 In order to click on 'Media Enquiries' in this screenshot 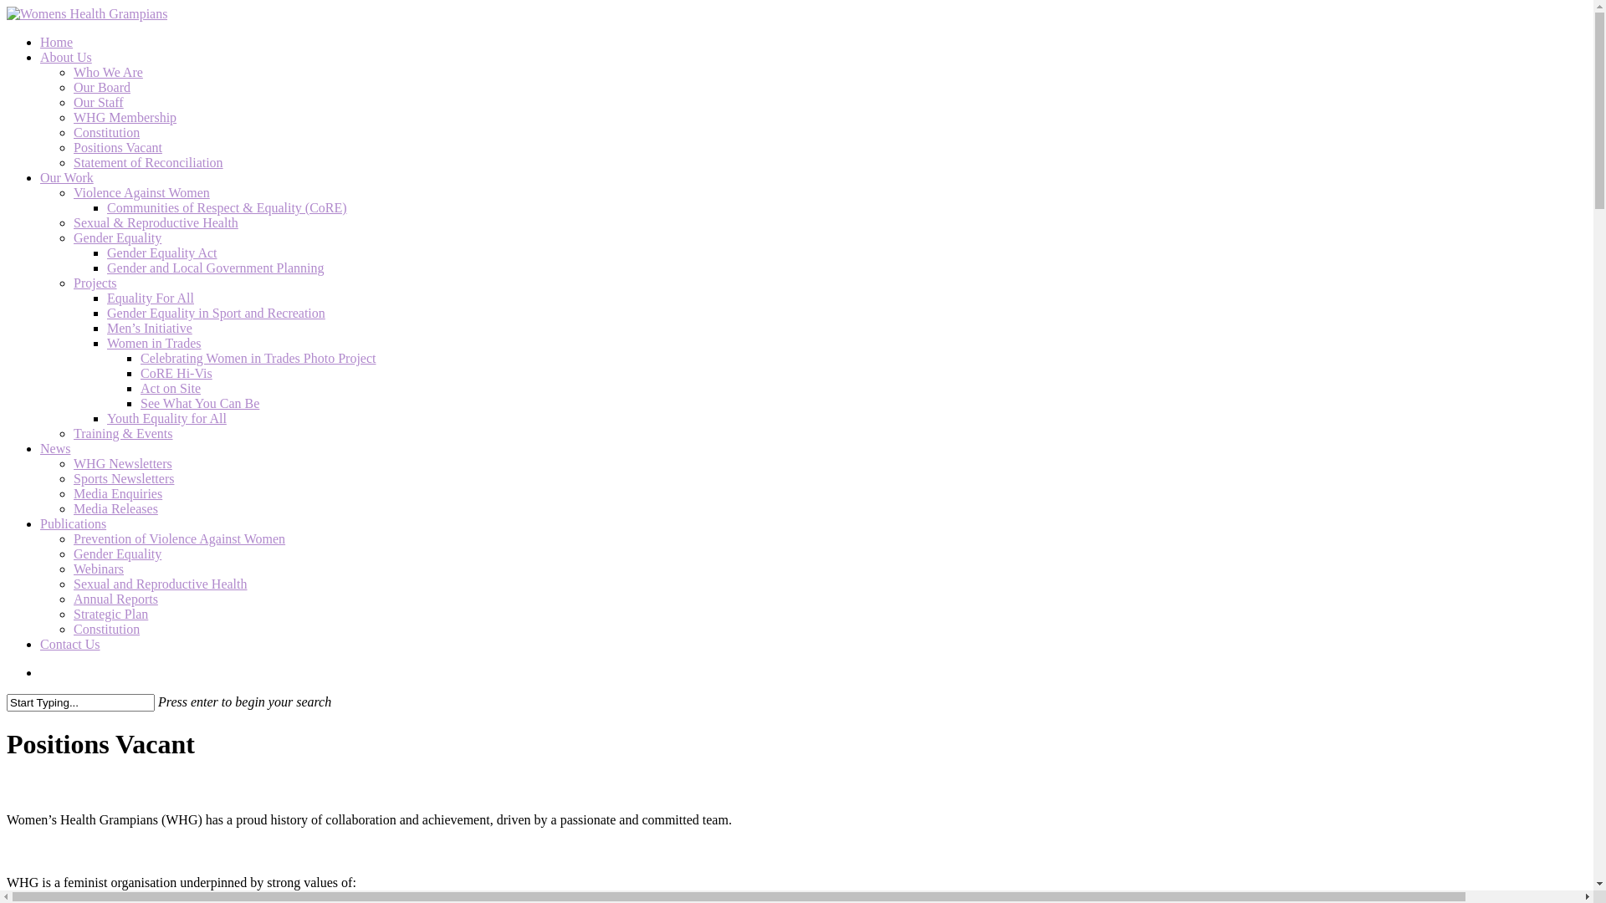, I will do `click(116, 492)`.